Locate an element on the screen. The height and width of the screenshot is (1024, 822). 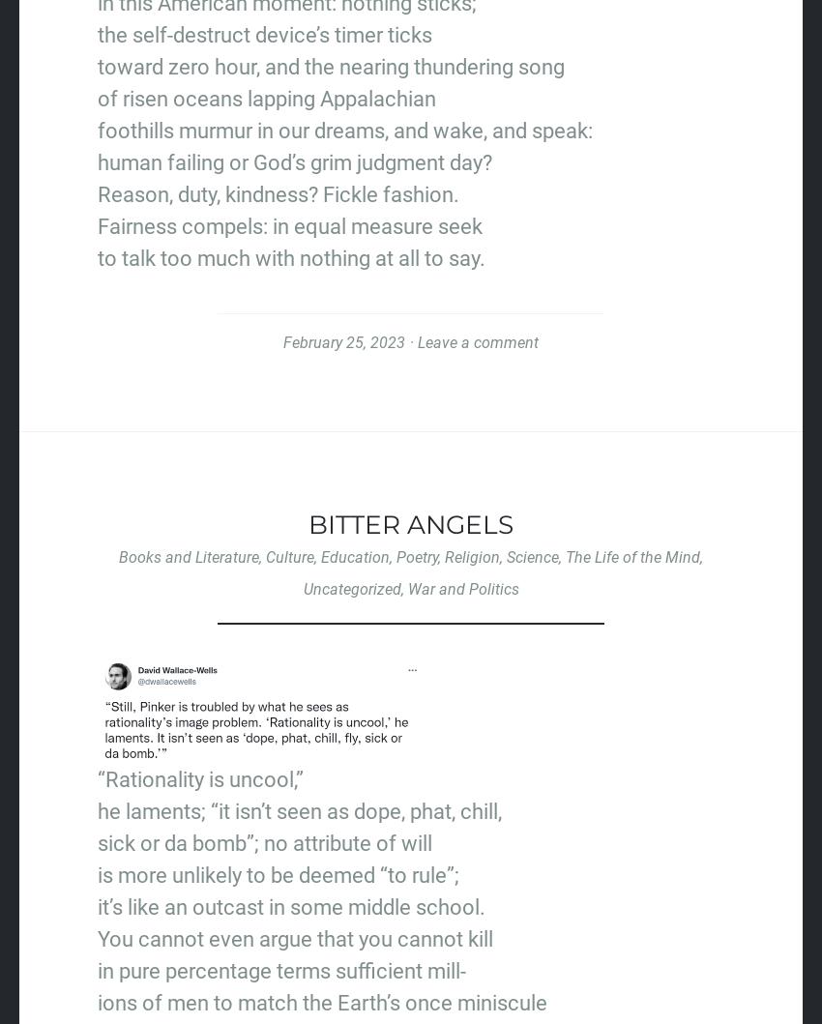
'in pure percentage terms sufficient mill-' is located at coordinates (280, 969).